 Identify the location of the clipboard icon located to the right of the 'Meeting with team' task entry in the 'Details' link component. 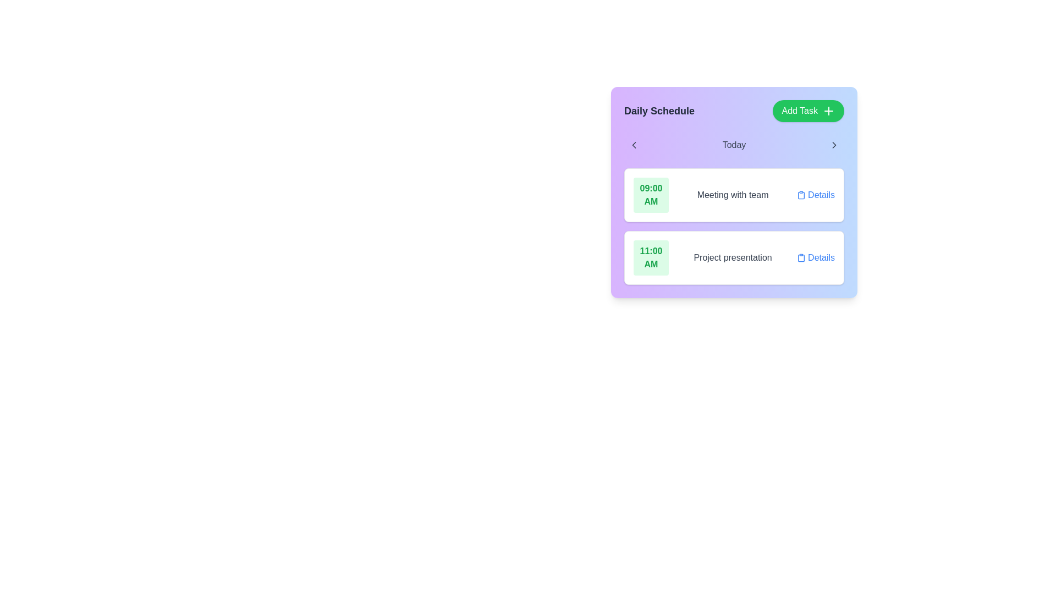
(801, 195).